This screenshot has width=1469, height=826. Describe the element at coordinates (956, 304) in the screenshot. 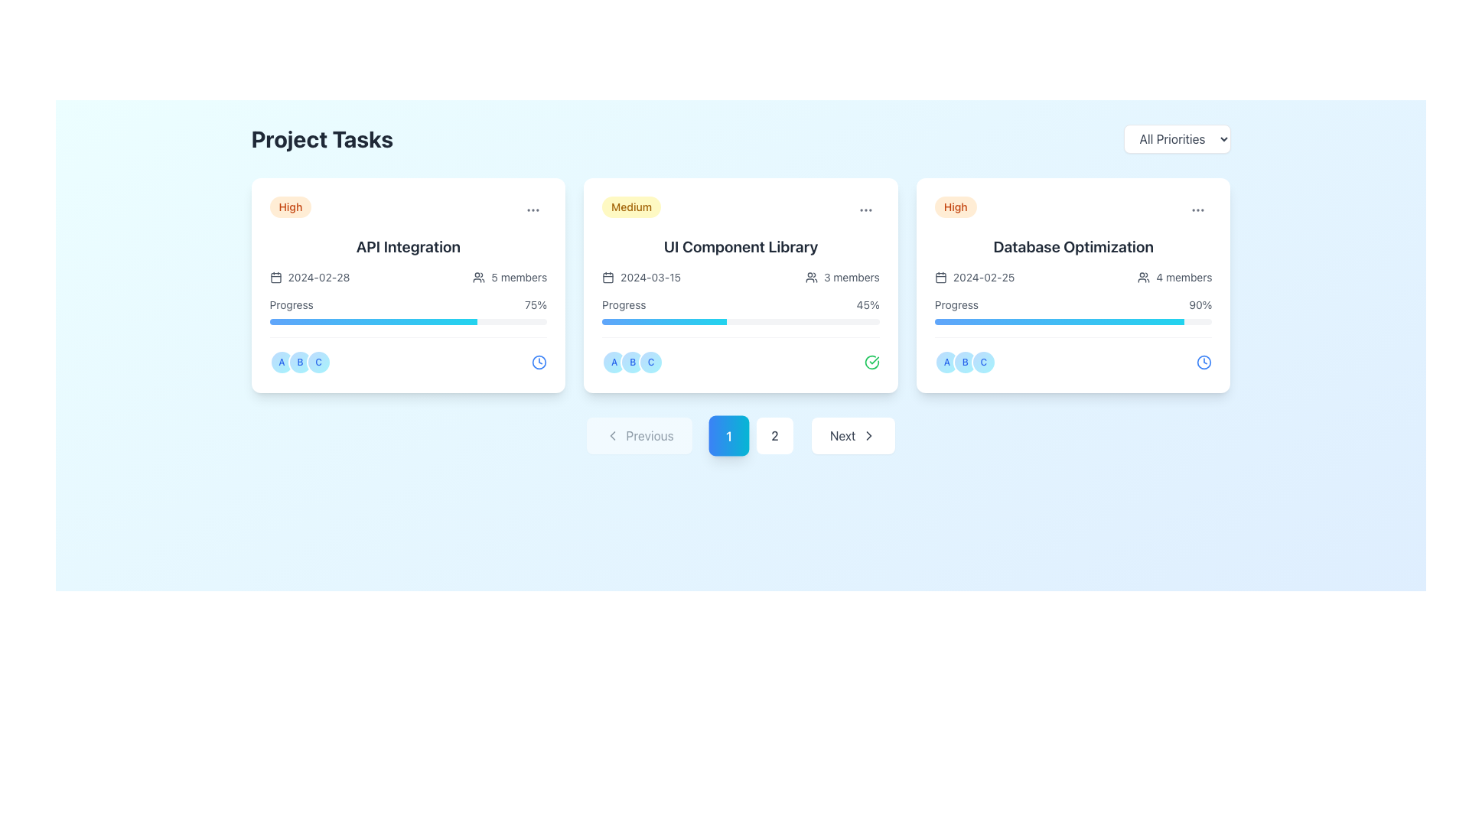

I see `the Text Label indicating task completion progress in the 'Database Optimization' card, located on the left side of the card's lower section` at that location.